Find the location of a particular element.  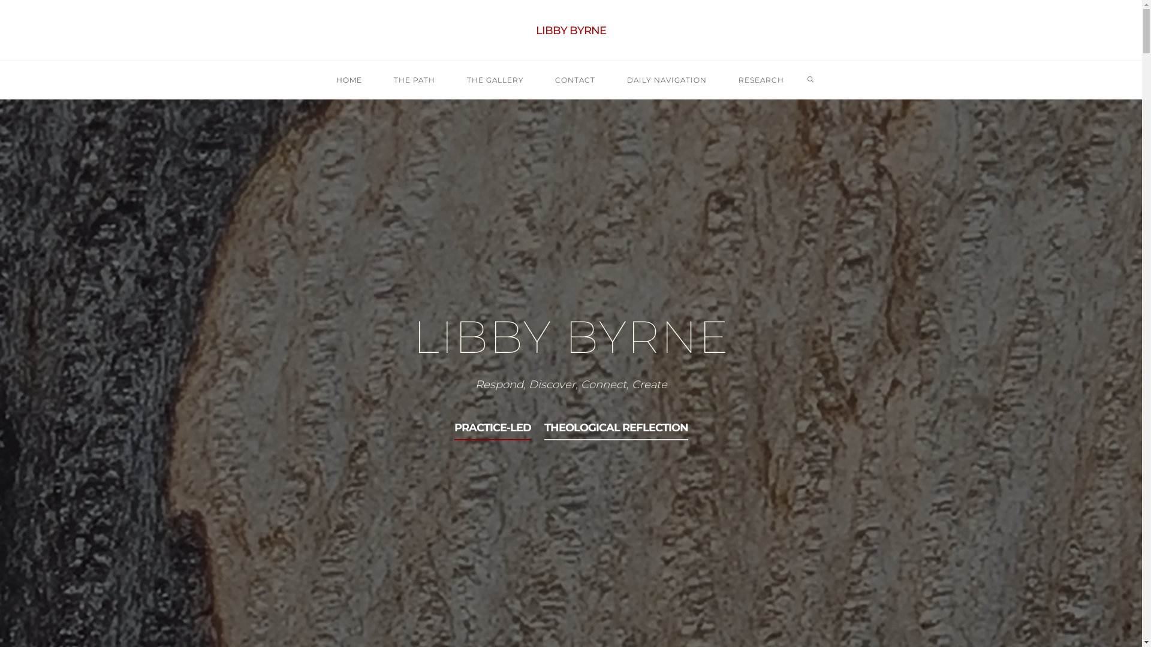

'THEOLOGICAL REFLECTION' is located at coordinates (616, 427).